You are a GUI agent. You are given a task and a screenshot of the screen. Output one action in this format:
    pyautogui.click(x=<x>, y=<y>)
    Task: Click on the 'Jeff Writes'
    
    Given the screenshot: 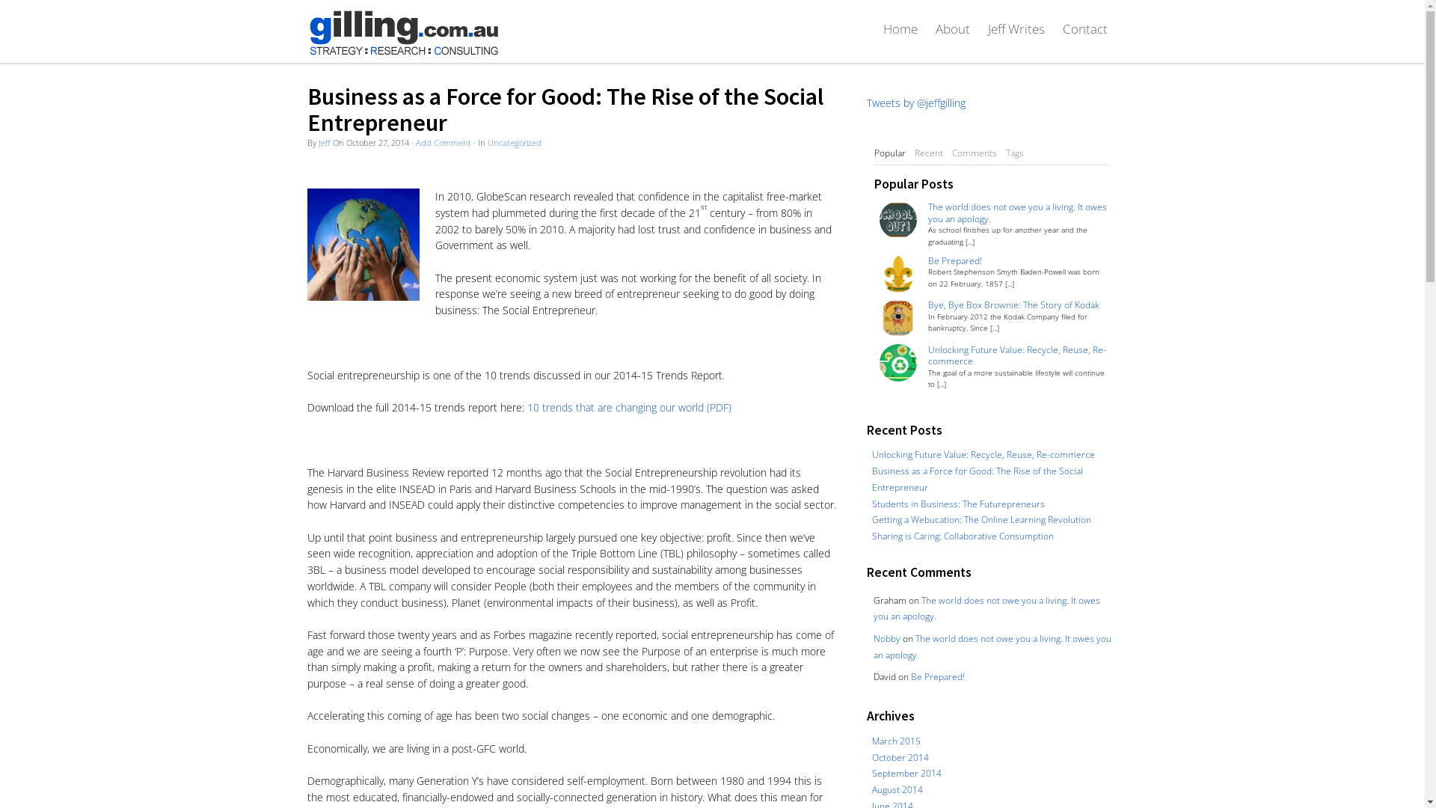 What is the action you would take?
    pyautogui.click(x=978, y=28)
    